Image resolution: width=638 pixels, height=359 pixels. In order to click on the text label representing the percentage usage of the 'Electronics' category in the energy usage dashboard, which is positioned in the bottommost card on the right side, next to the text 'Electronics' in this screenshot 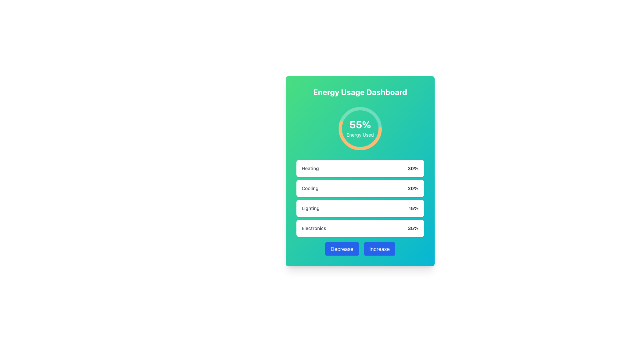, I will do `click(413, 228)`.